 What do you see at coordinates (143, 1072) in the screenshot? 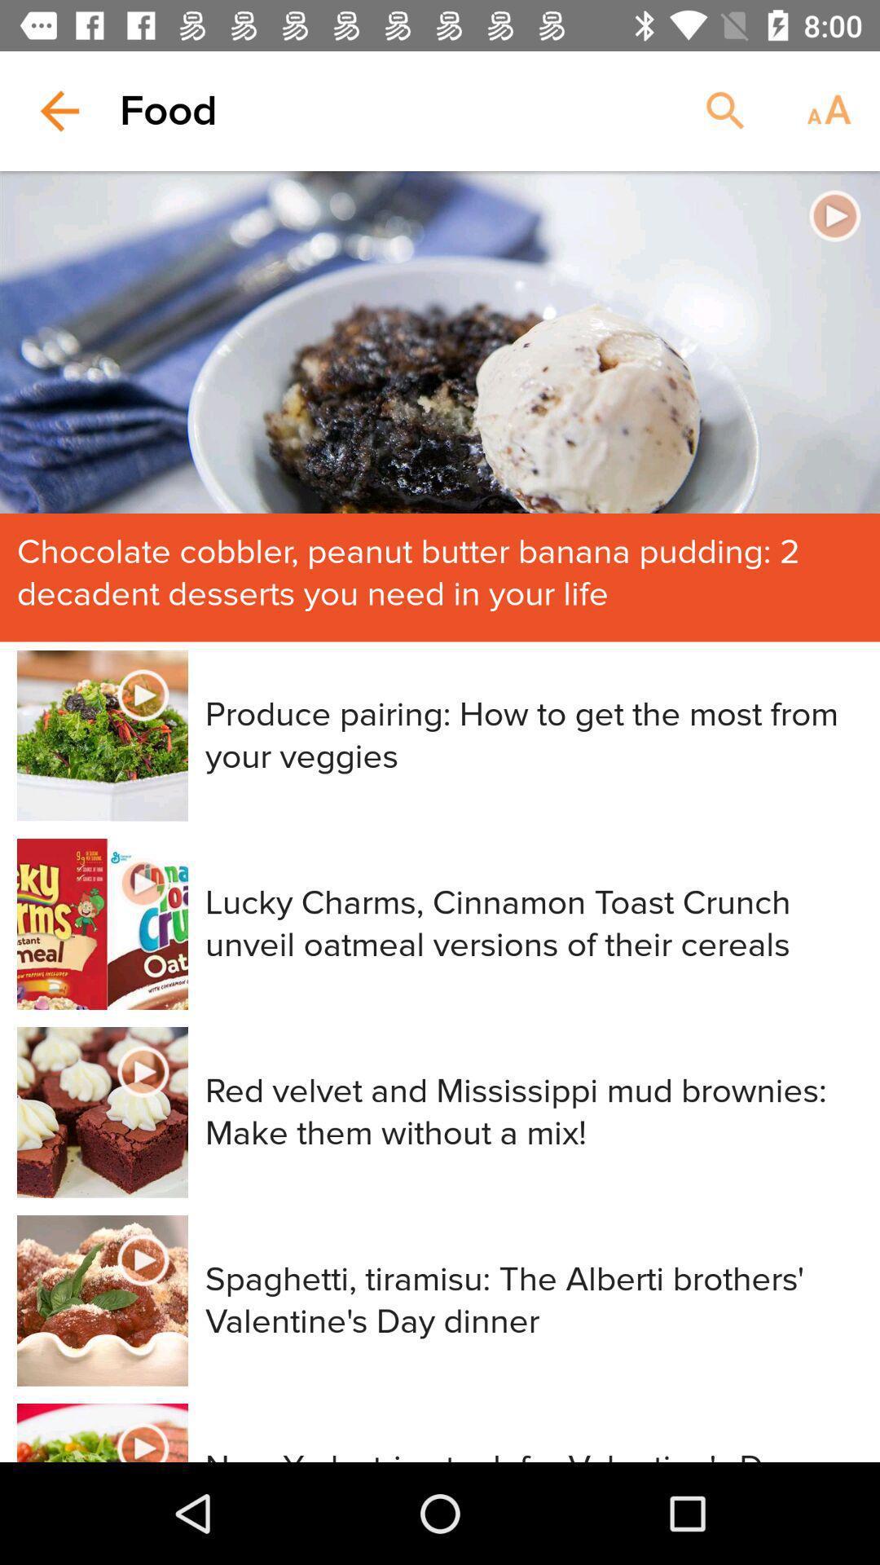
I see `the play icon on the 3rd image from the bottom` at bounding box center [143, 1072].